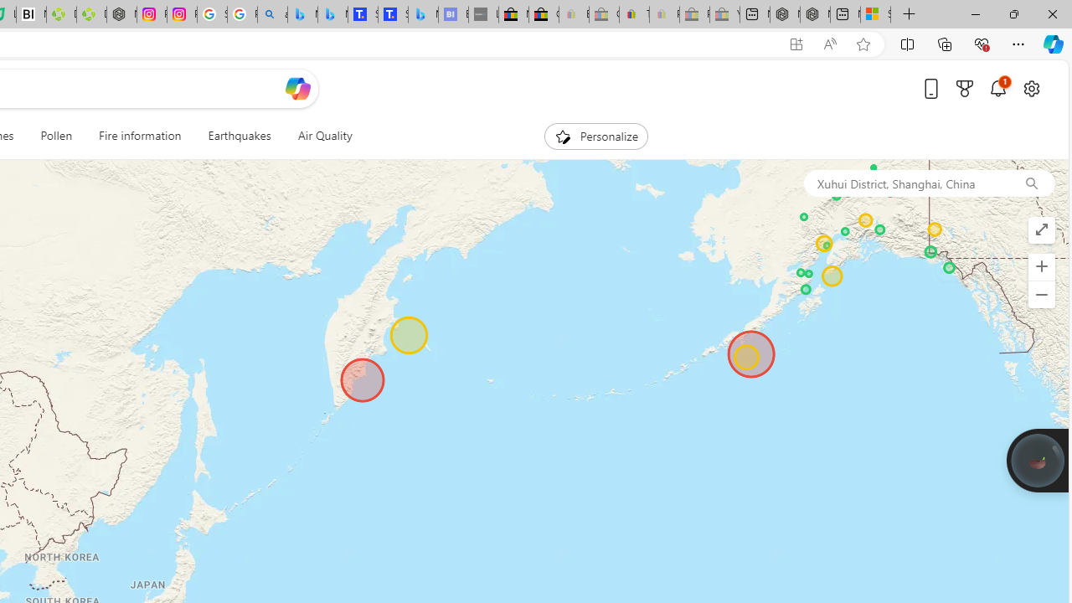  What do you see at coordinates (121, 14) in the screenshot?
I see `'Nordace - Nordace Edin Collection'` at bounding box center [121, 14].